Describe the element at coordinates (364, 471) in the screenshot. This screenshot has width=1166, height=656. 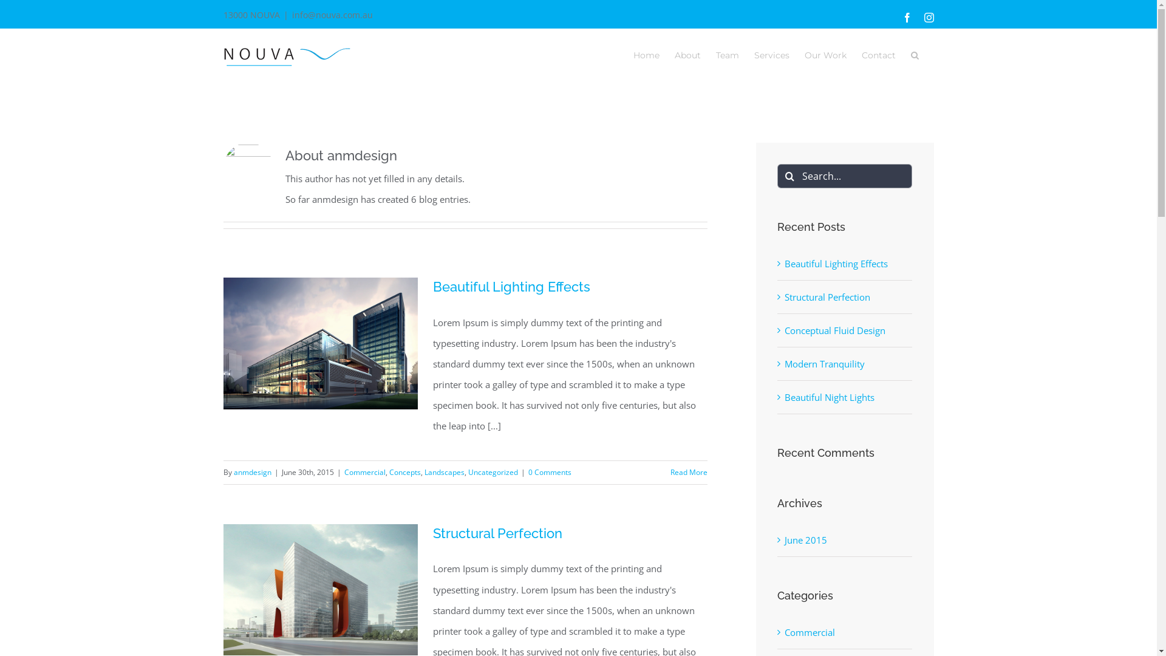
I see `'Commercial'` at that location.